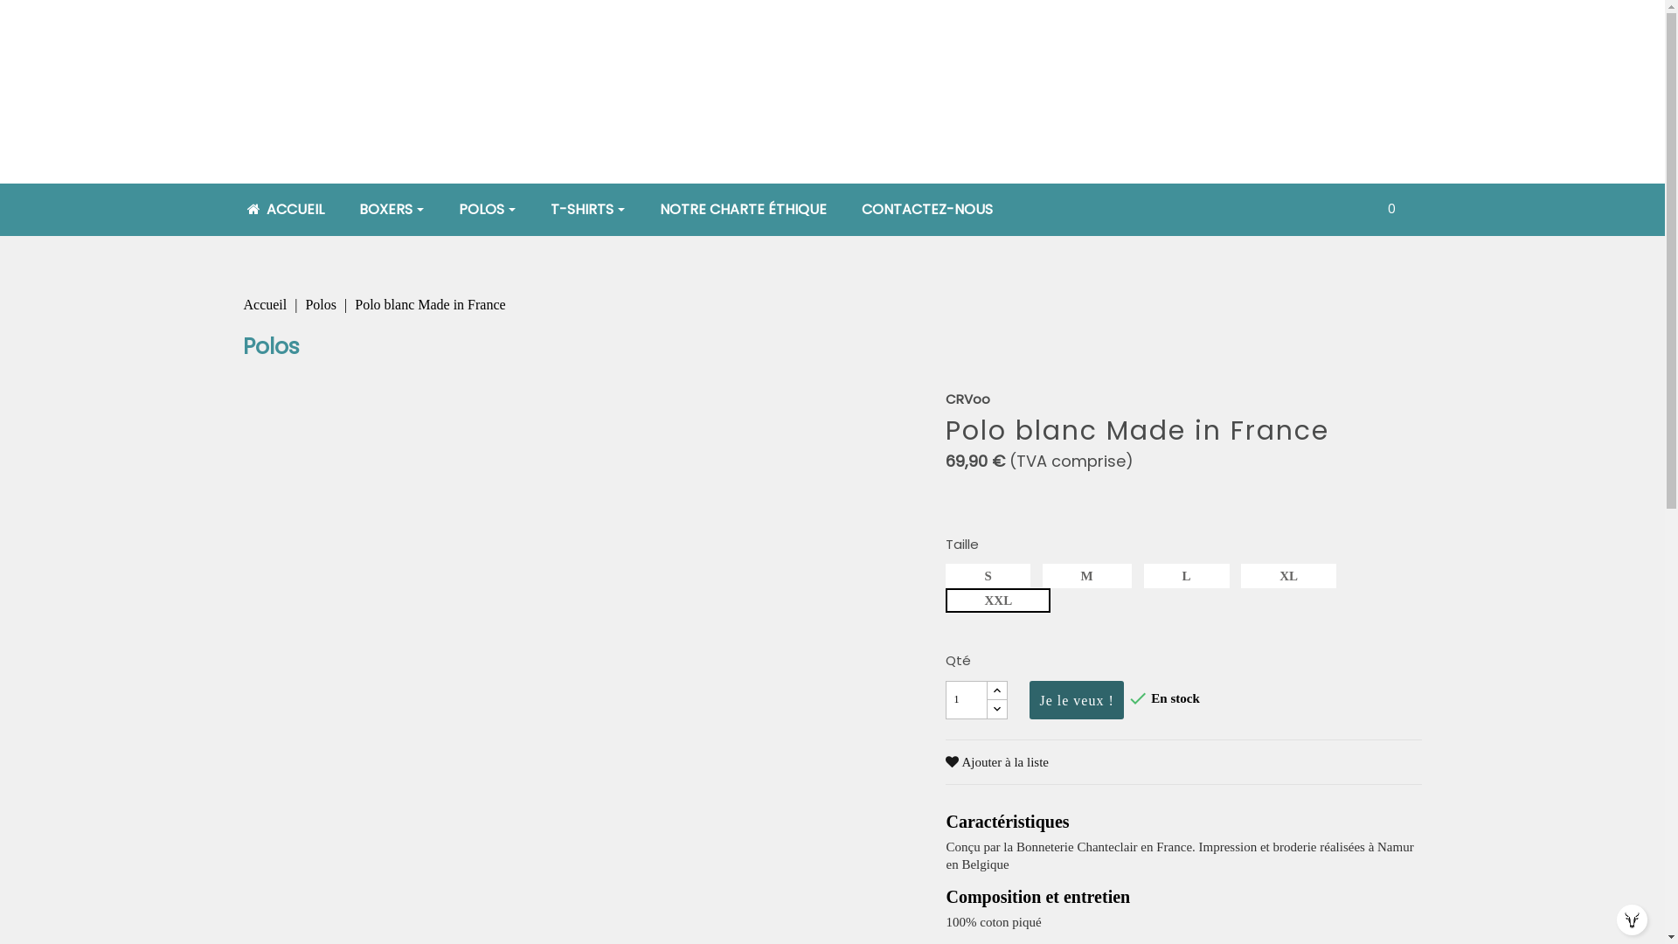 The height and width of the screenshot is (944, 1678). What do you see at coordinates (486, 208) in the screenshot?
I see `'POLOS'` at bounding box center [486, 208].